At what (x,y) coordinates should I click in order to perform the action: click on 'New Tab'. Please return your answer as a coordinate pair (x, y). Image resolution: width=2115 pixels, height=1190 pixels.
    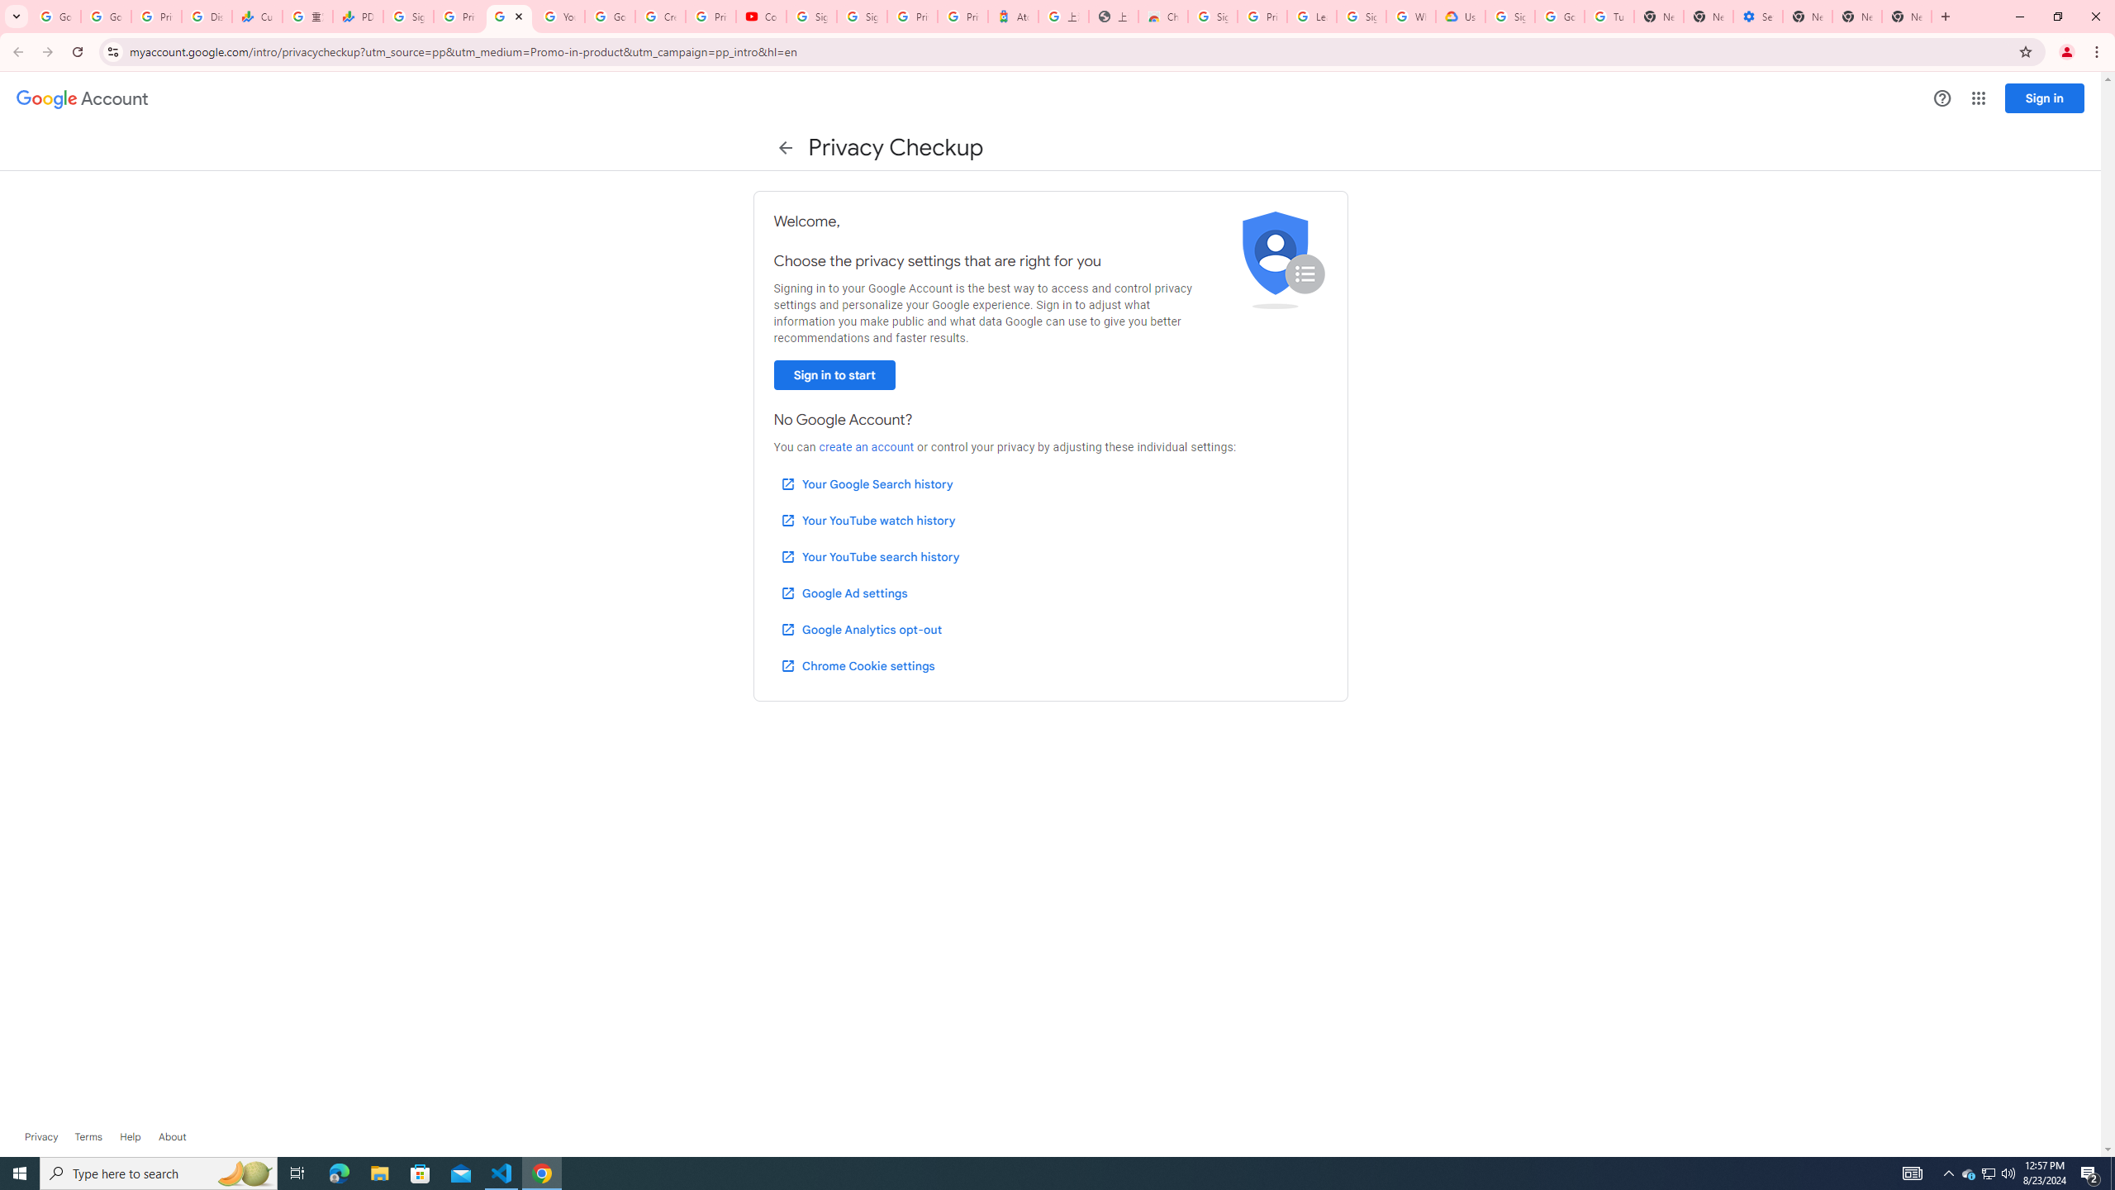
    Looking at the image, I should click on (1906, 16).